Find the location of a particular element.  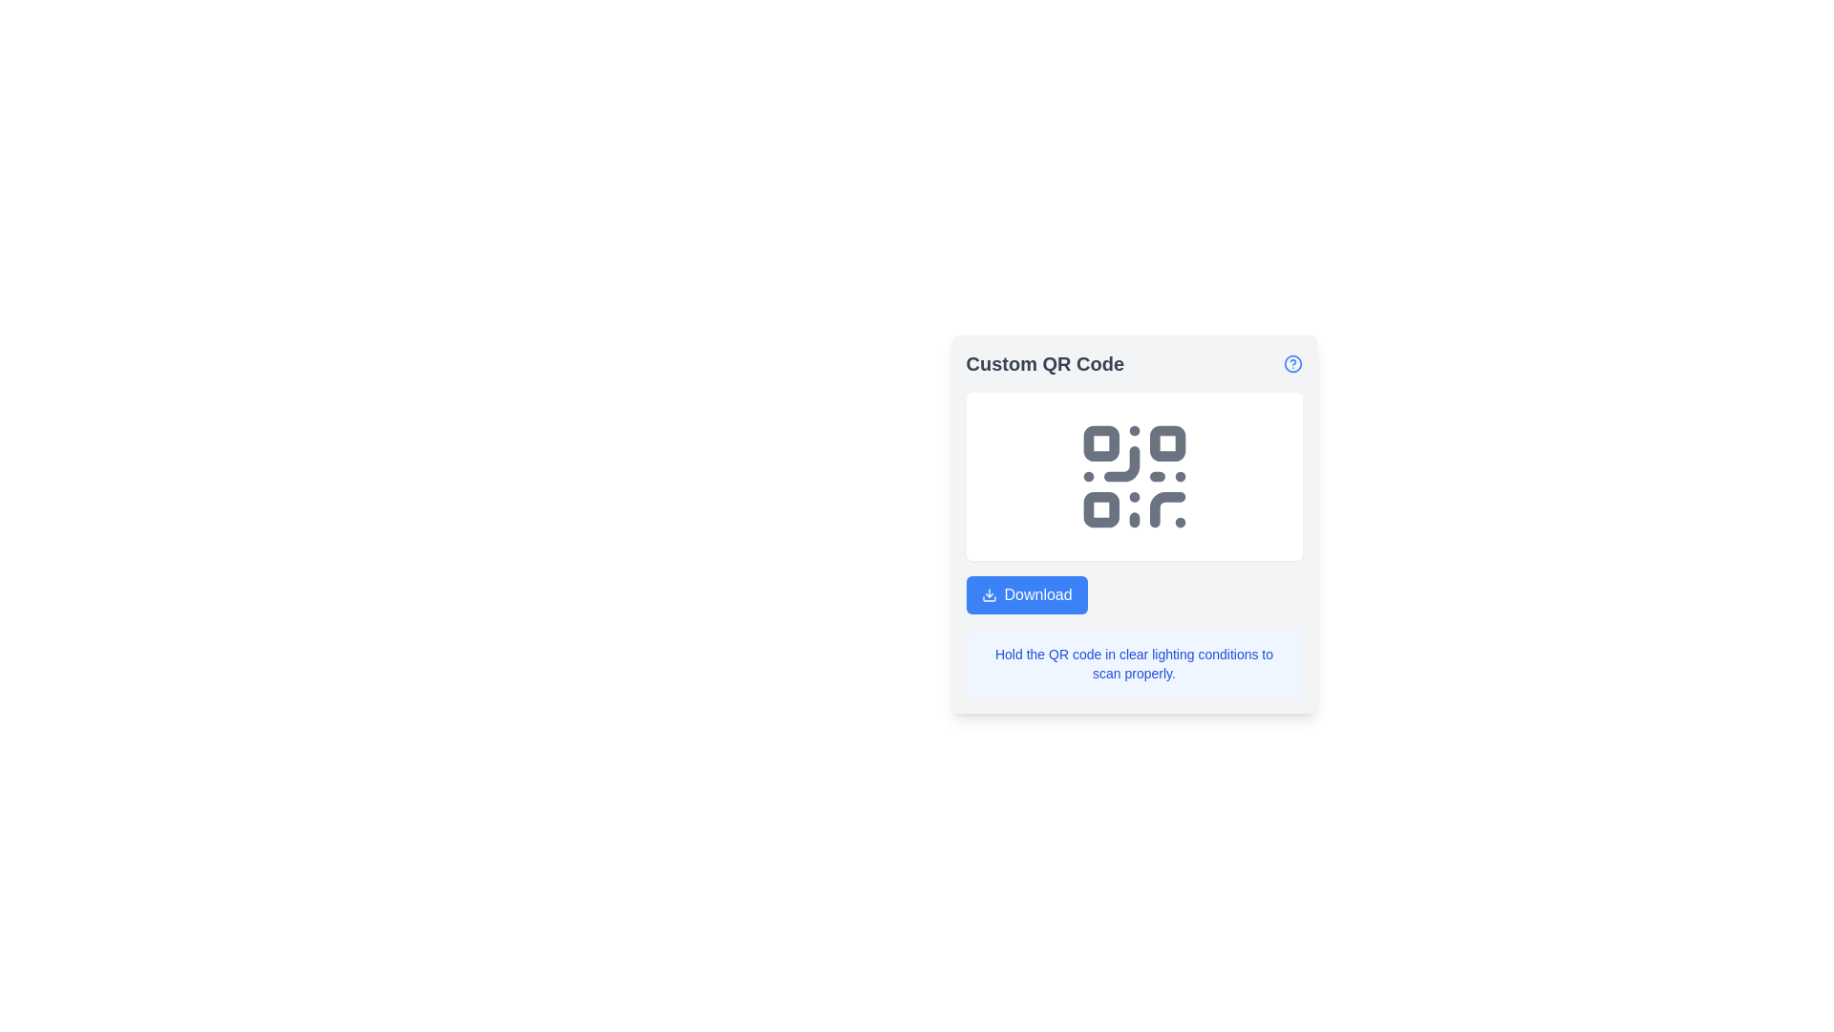

the decorative or navigational vector graphic circle located in the upper-right corner of the QR code generation widget is located at coordinates (1292, 364).